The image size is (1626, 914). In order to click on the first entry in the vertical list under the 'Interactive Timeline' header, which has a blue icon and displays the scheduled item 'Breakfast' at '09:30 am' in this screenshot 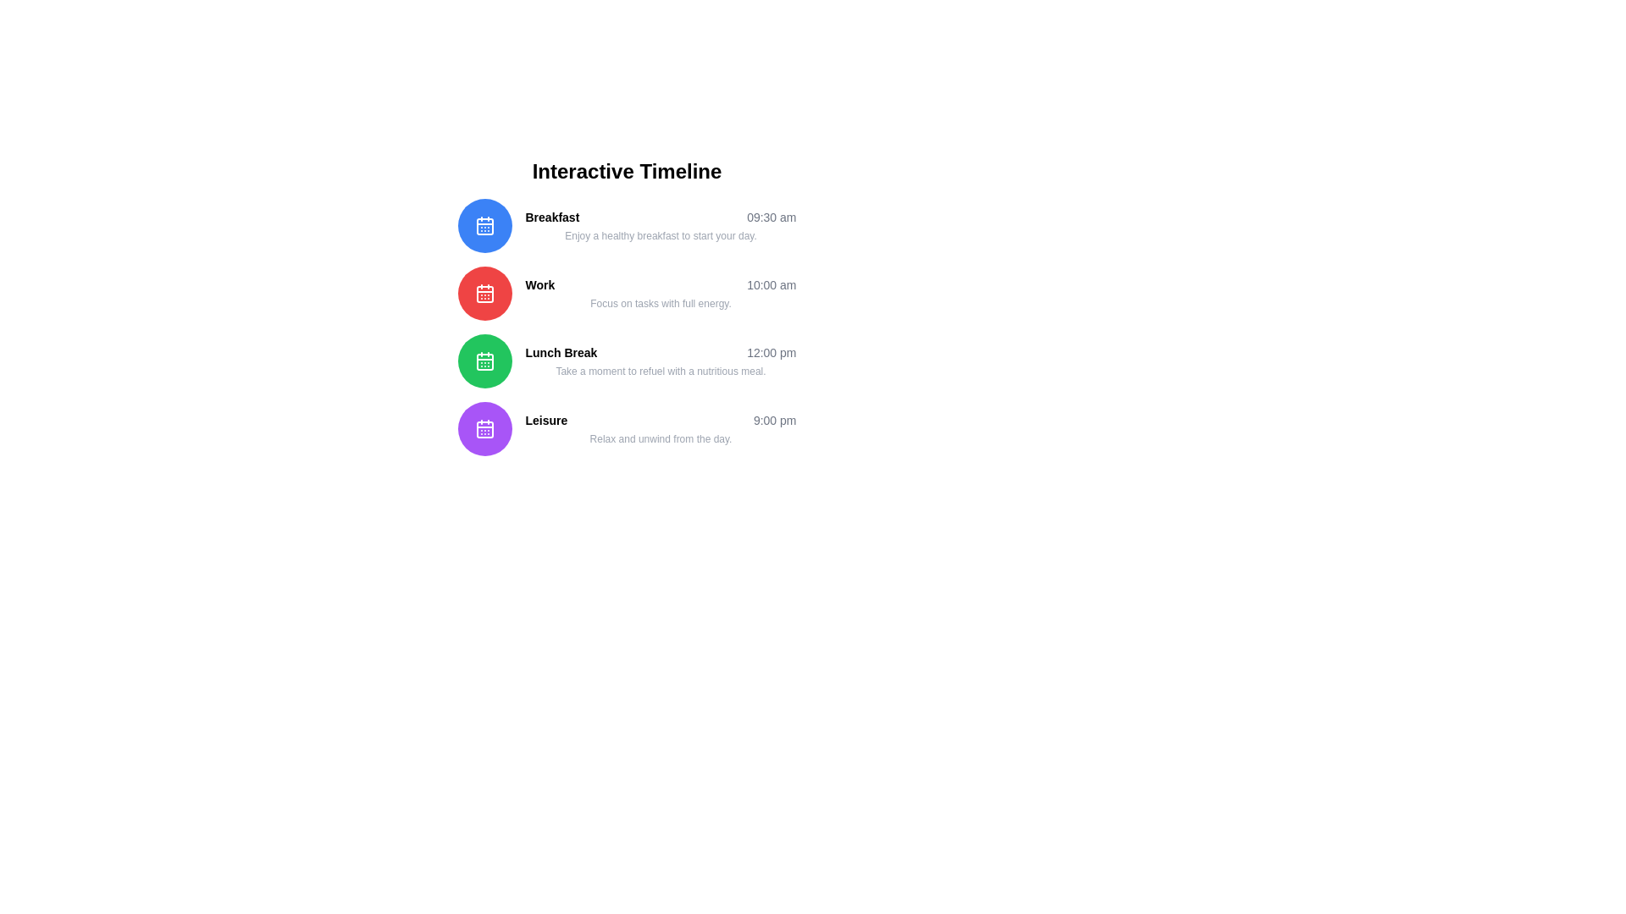, I will do `click(626, 224)`.